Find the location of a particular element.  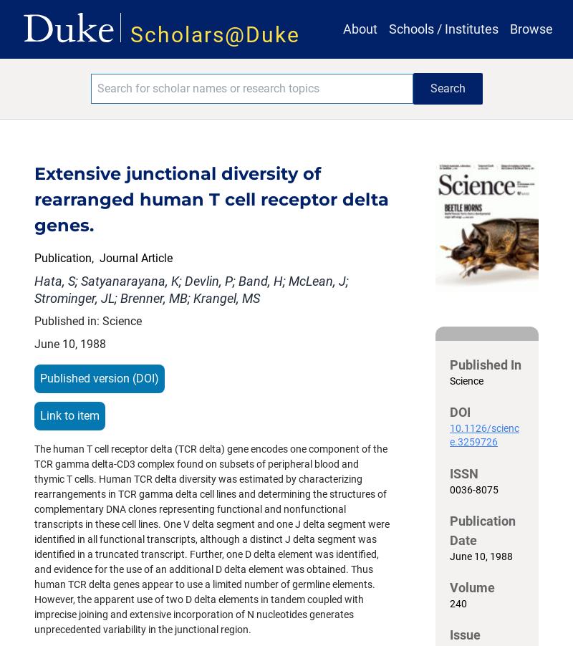

'Published In' is located at coordinates (486, 364).